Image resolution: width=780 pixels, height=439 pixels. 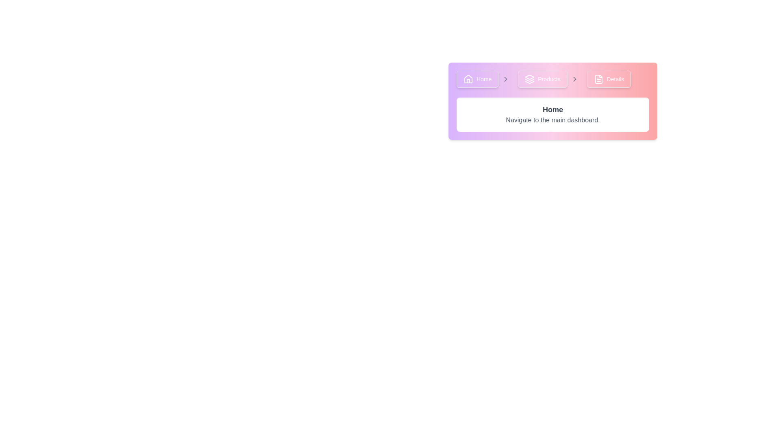 I want to click on the 'Details' button in the breadcrumb navigation bar, which has a pale pink background and a white document icon, so click(x=609, y=79).